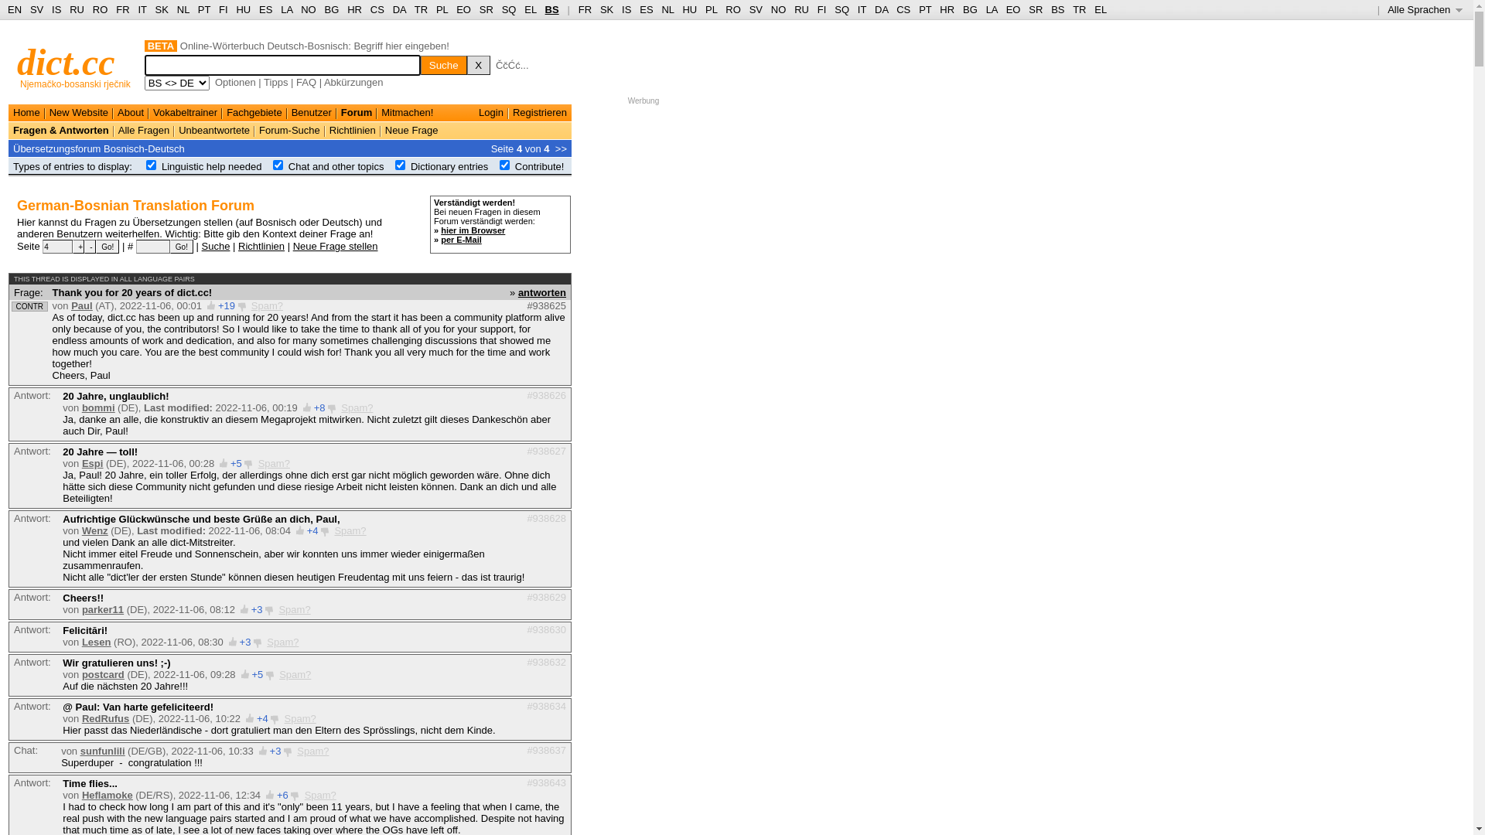  What do you see at coordinates (861, 9) in the screenshot?
I see `'IT'` at bounding box center [861, 9].